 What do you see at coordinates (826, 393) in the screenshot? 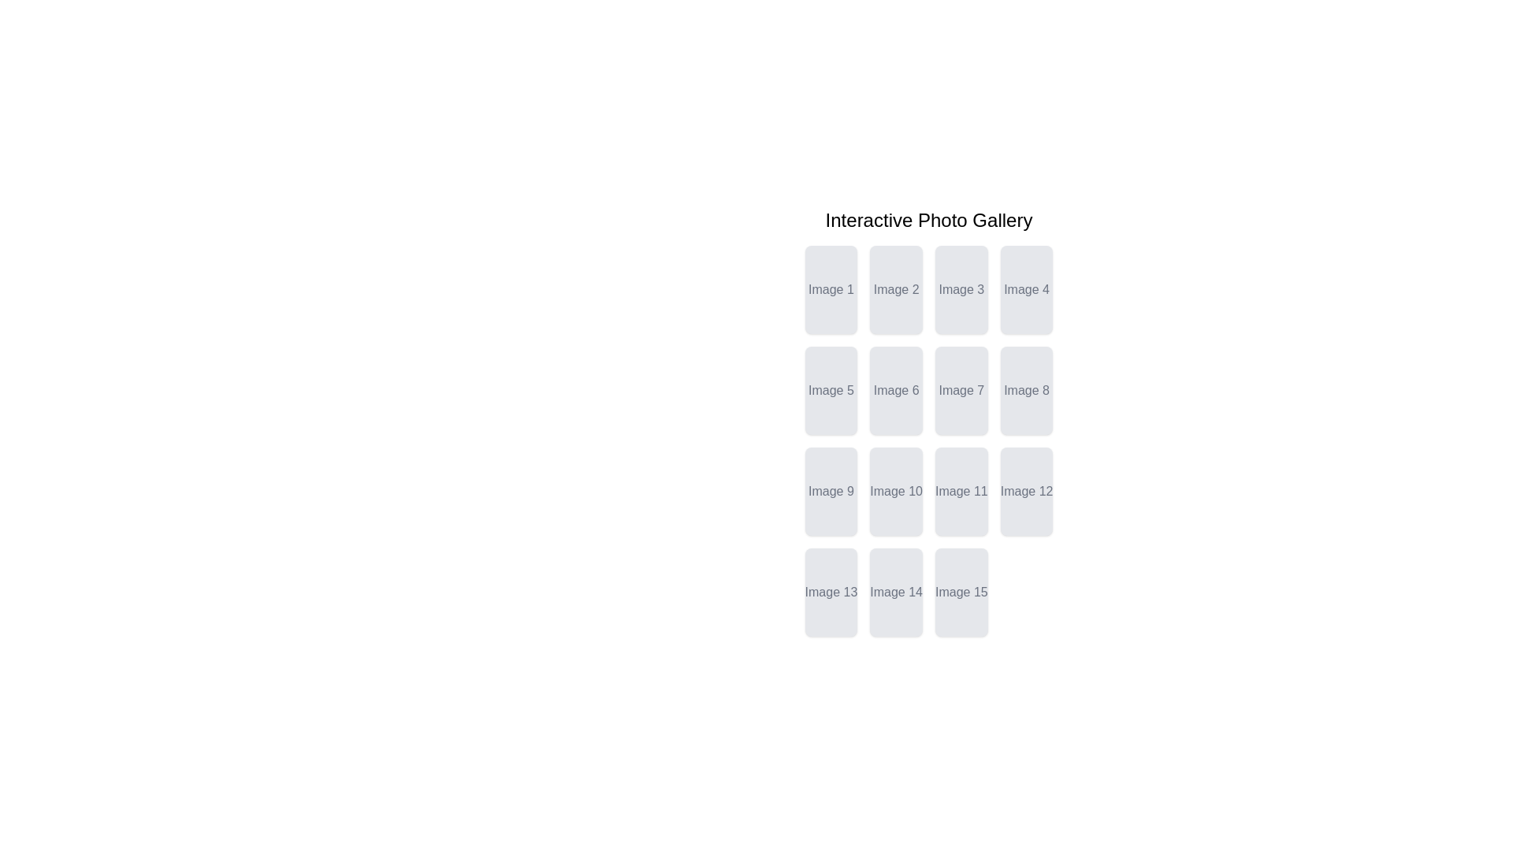
I see `the heart-shaped SVG icon located in the bottom-left area of the grid layout below 'Image 5'` at bounding box center [826, 393].